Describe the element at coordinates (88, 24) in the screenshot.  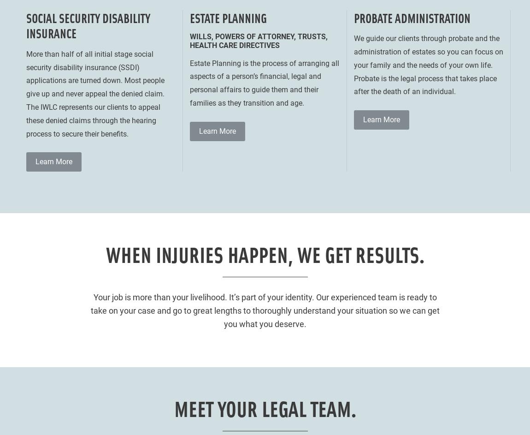
I see `'Social Security Disability Insurance'` at that location.